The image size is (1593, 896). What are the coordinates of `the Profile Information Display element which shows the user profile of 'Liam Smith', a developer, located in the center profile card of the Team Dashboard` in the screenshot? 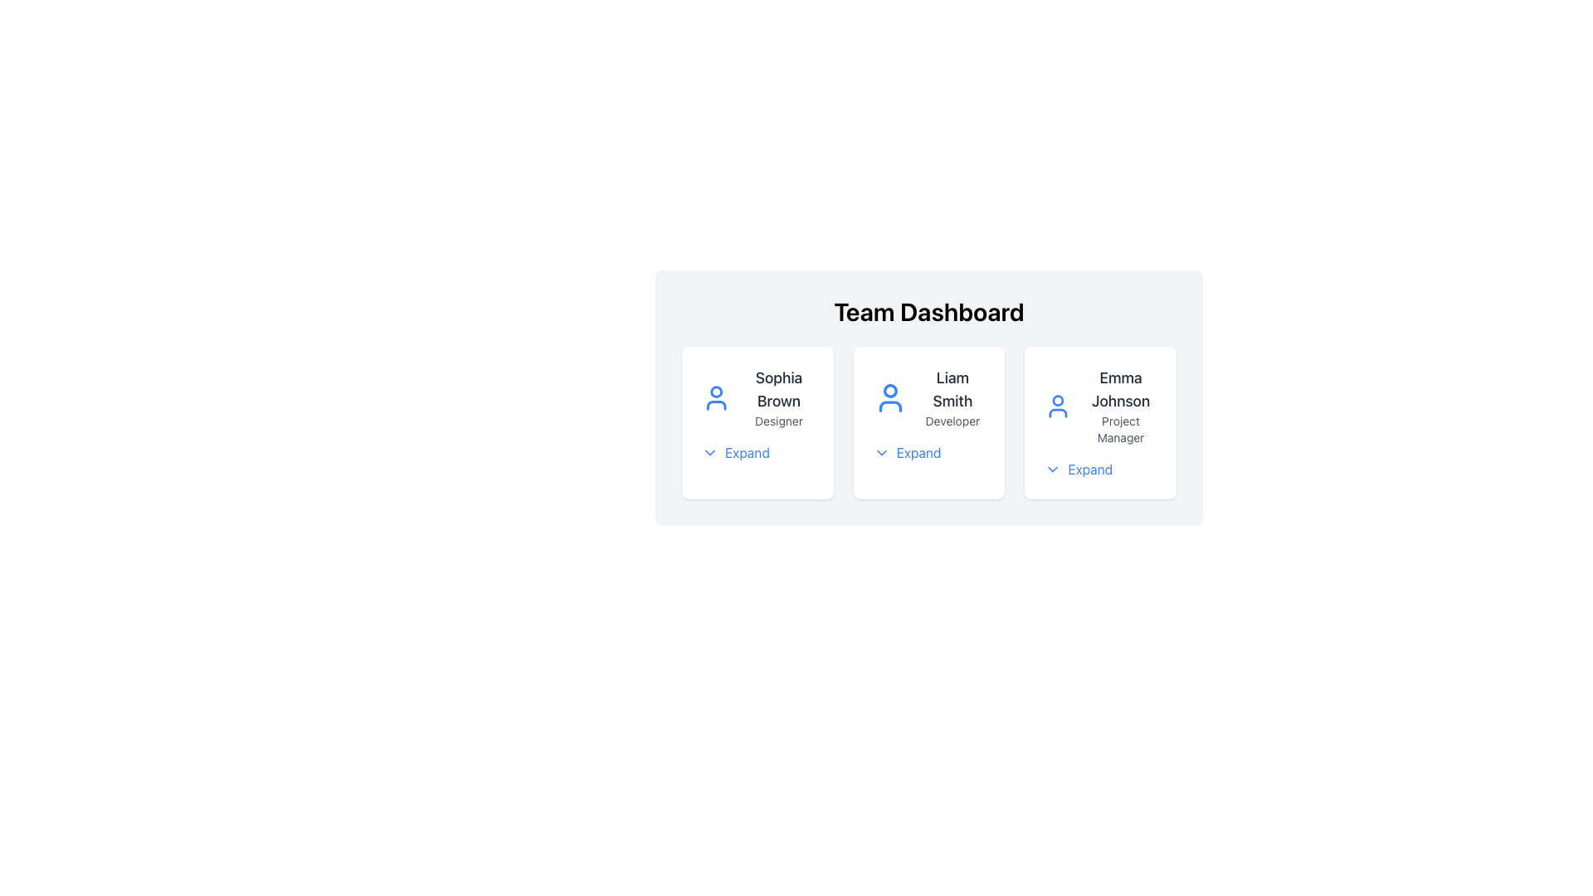 It's located at (928, 397).